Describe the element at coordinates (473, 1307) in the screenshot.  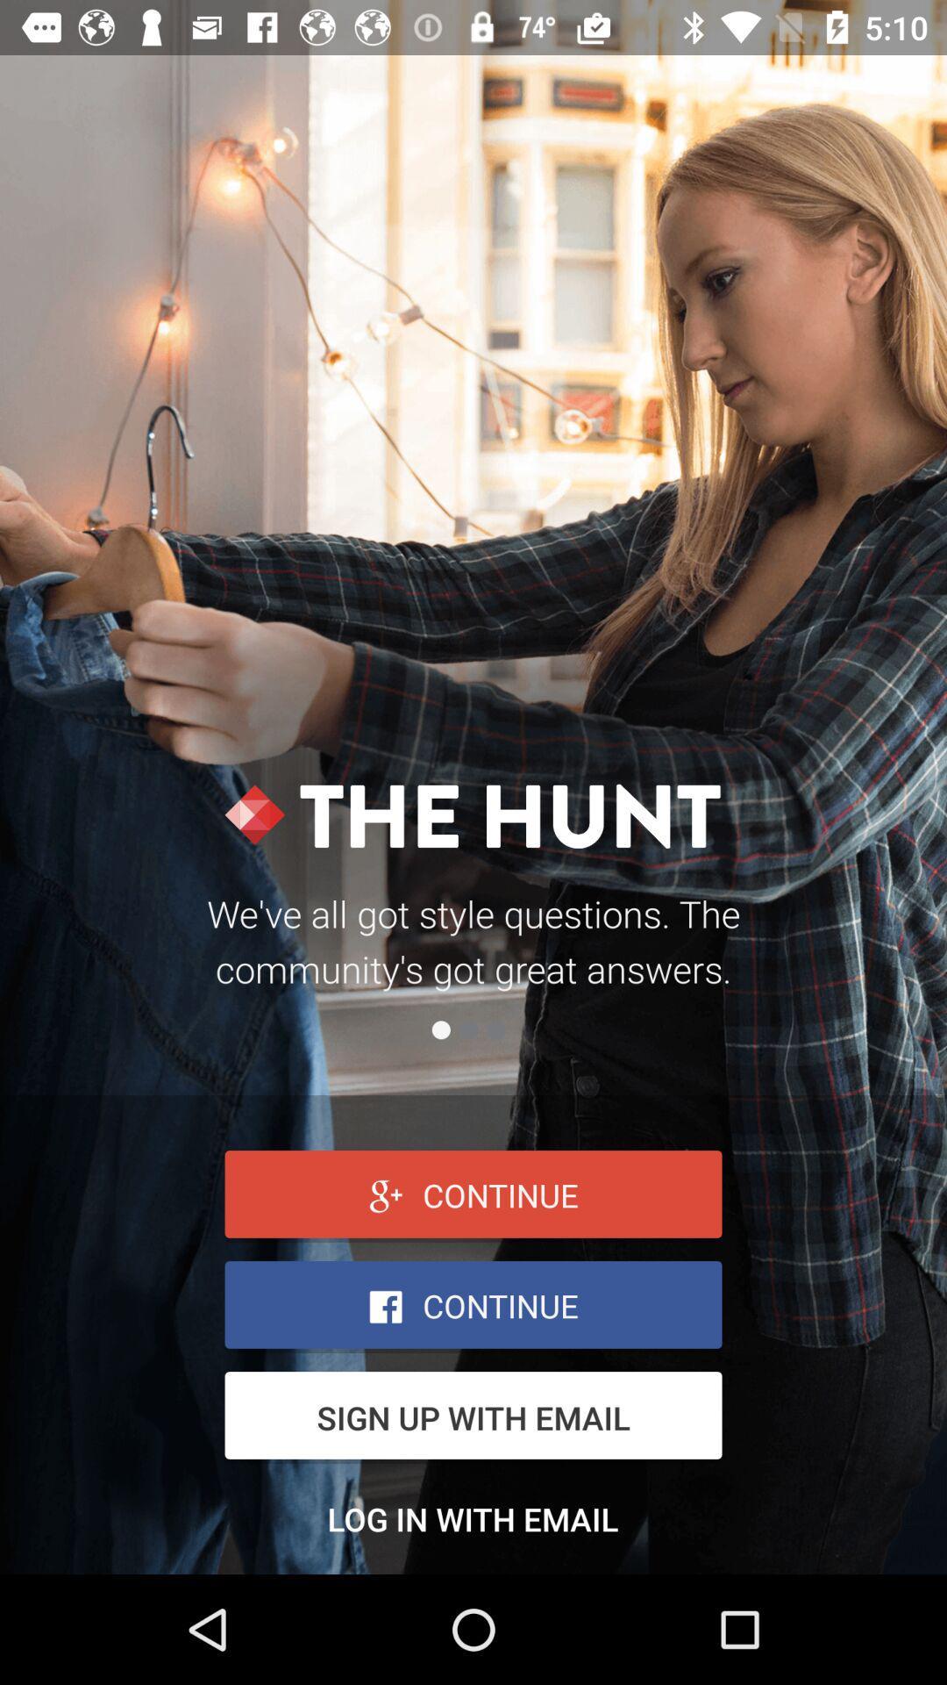
I see `facebook` at that location.